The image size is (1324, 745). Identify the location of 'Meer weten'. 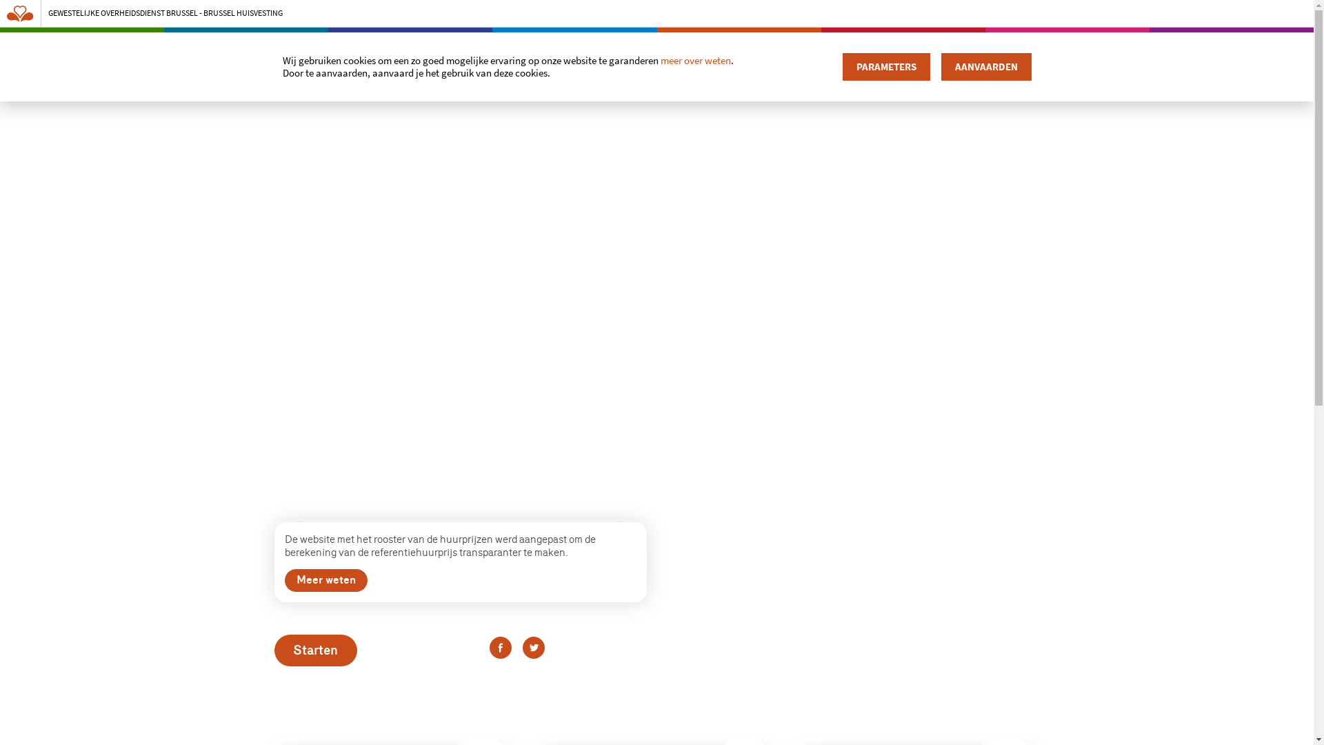
(324, 580).